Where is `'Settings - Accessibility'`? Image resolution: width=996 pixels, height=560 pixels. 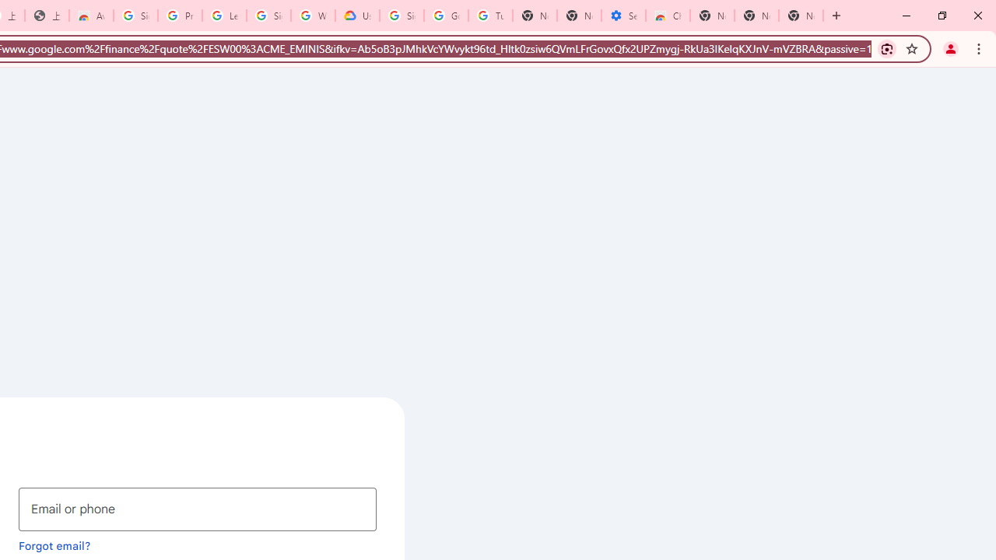 'Settings - Accessibility' is located at coordinates (623, 16).